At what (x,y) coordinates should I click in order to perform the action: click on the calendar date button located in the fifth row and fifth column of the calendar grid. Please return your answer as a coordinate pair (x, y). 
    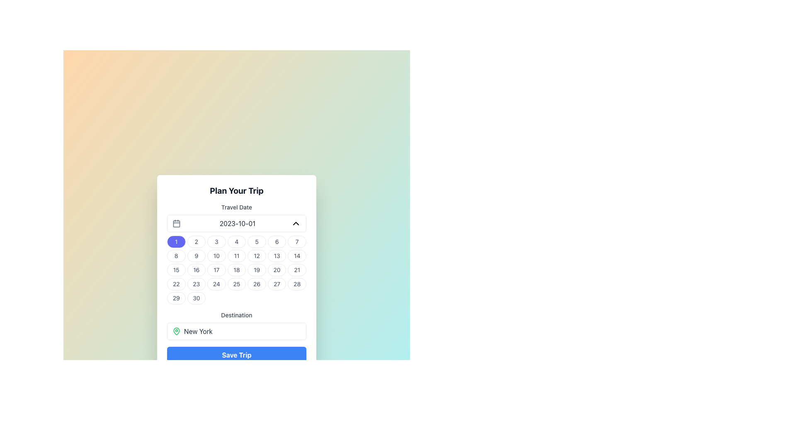
    Looking at the image, I should click on (256, 284).